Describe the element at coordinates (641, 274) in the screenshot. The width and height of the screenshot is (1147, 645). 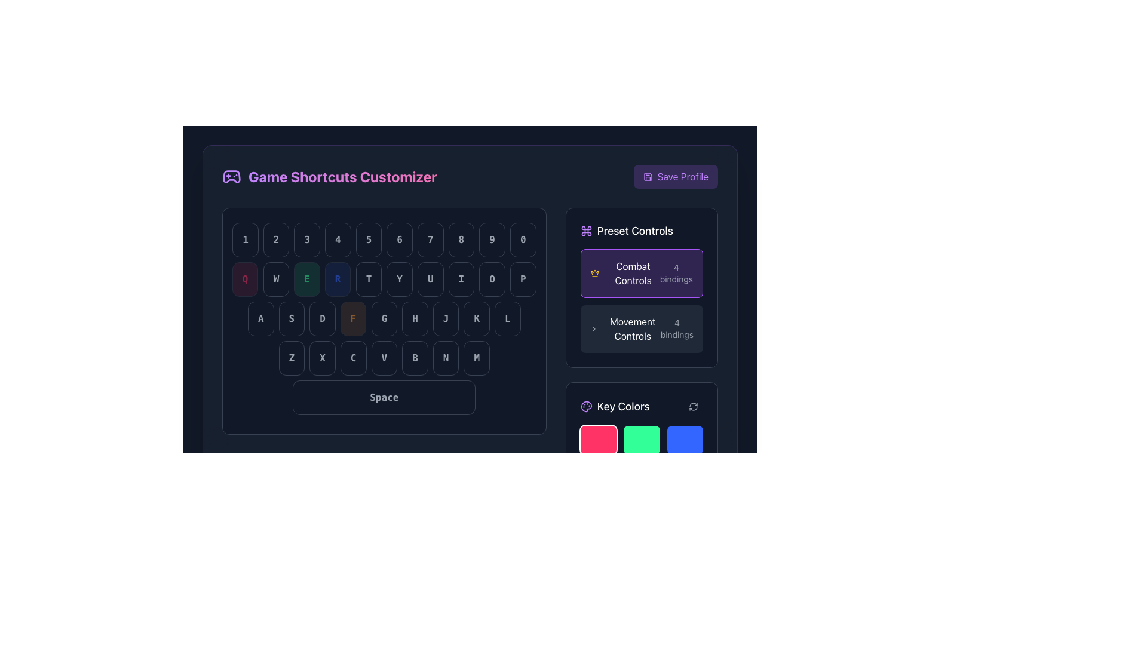
I see `the first button in the 'Preset Controls' section` at that location.